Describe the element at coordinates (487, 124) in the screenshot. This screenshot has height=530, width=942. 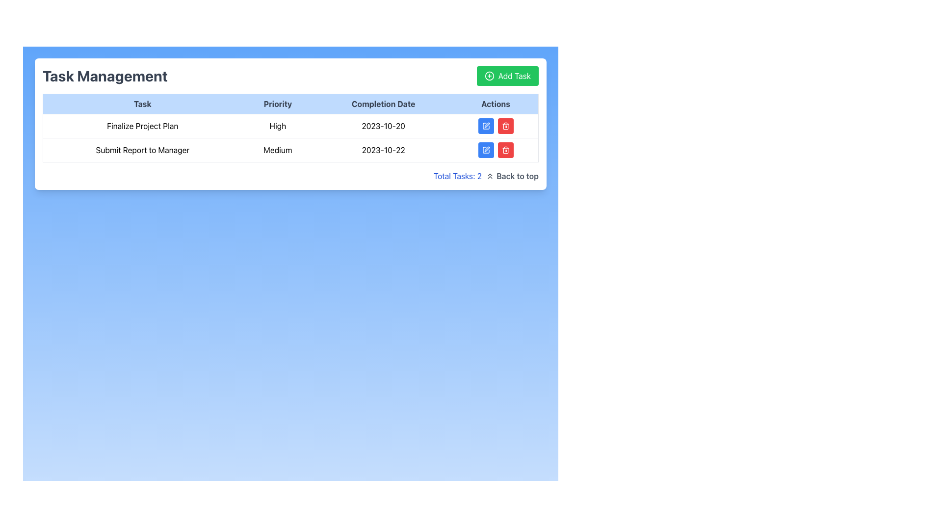
I see `the pencil icon in the 'Actions' column of the second row in the 'Task Management' section` at that location.